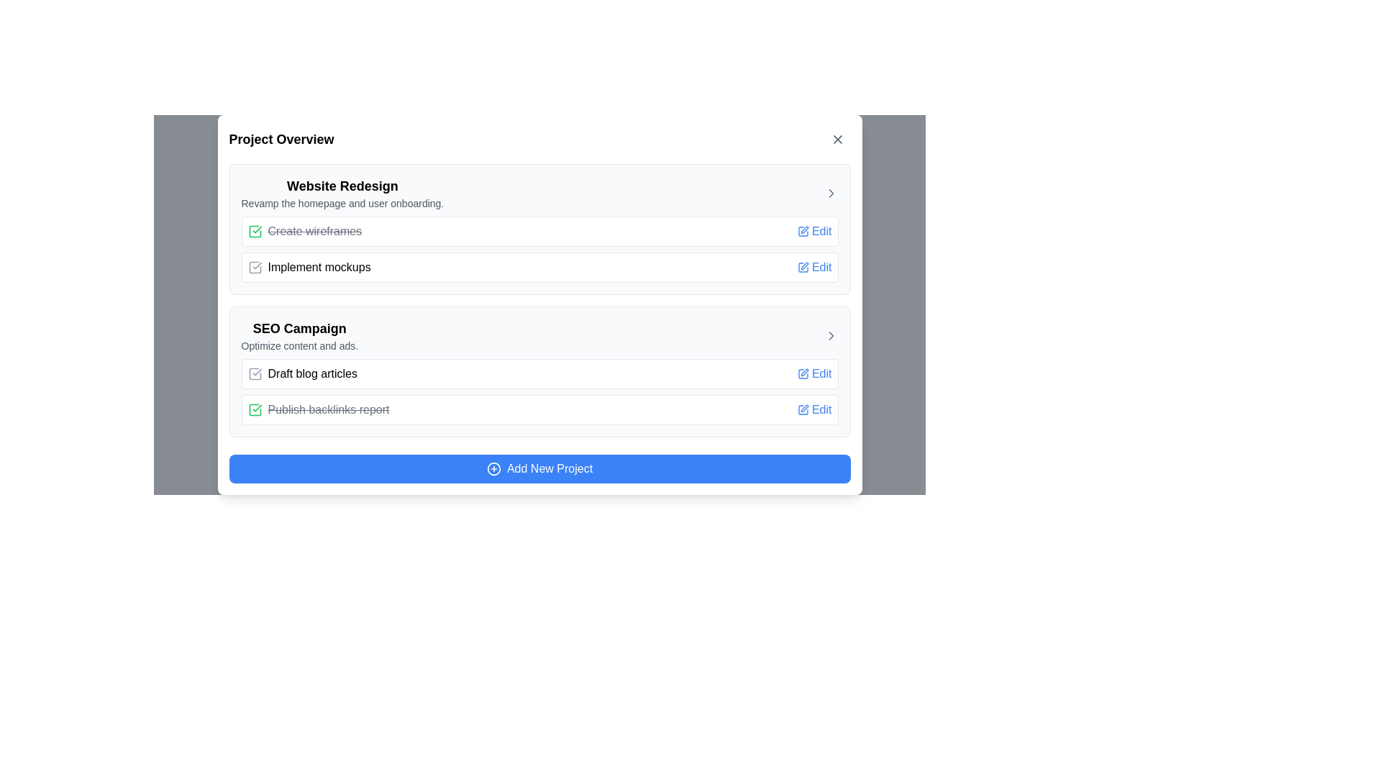 The image size is (1381, 777). I want to click on the pencil icon representing the edit action for the 'Website Redesign' section, so click(803, 230).